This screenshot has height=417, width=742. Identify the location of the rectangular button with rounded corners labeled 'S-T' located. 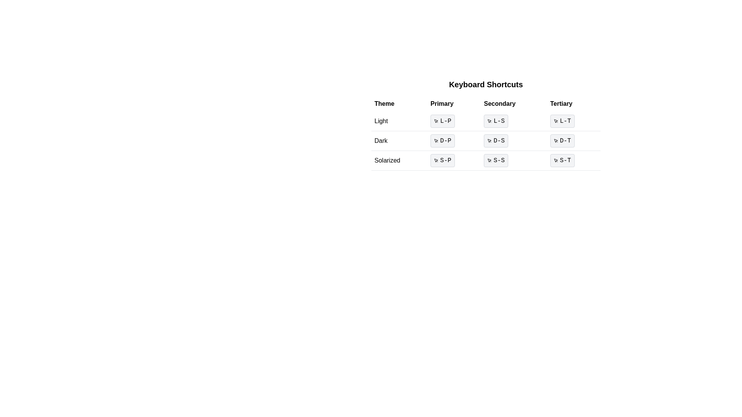
(562, 160).